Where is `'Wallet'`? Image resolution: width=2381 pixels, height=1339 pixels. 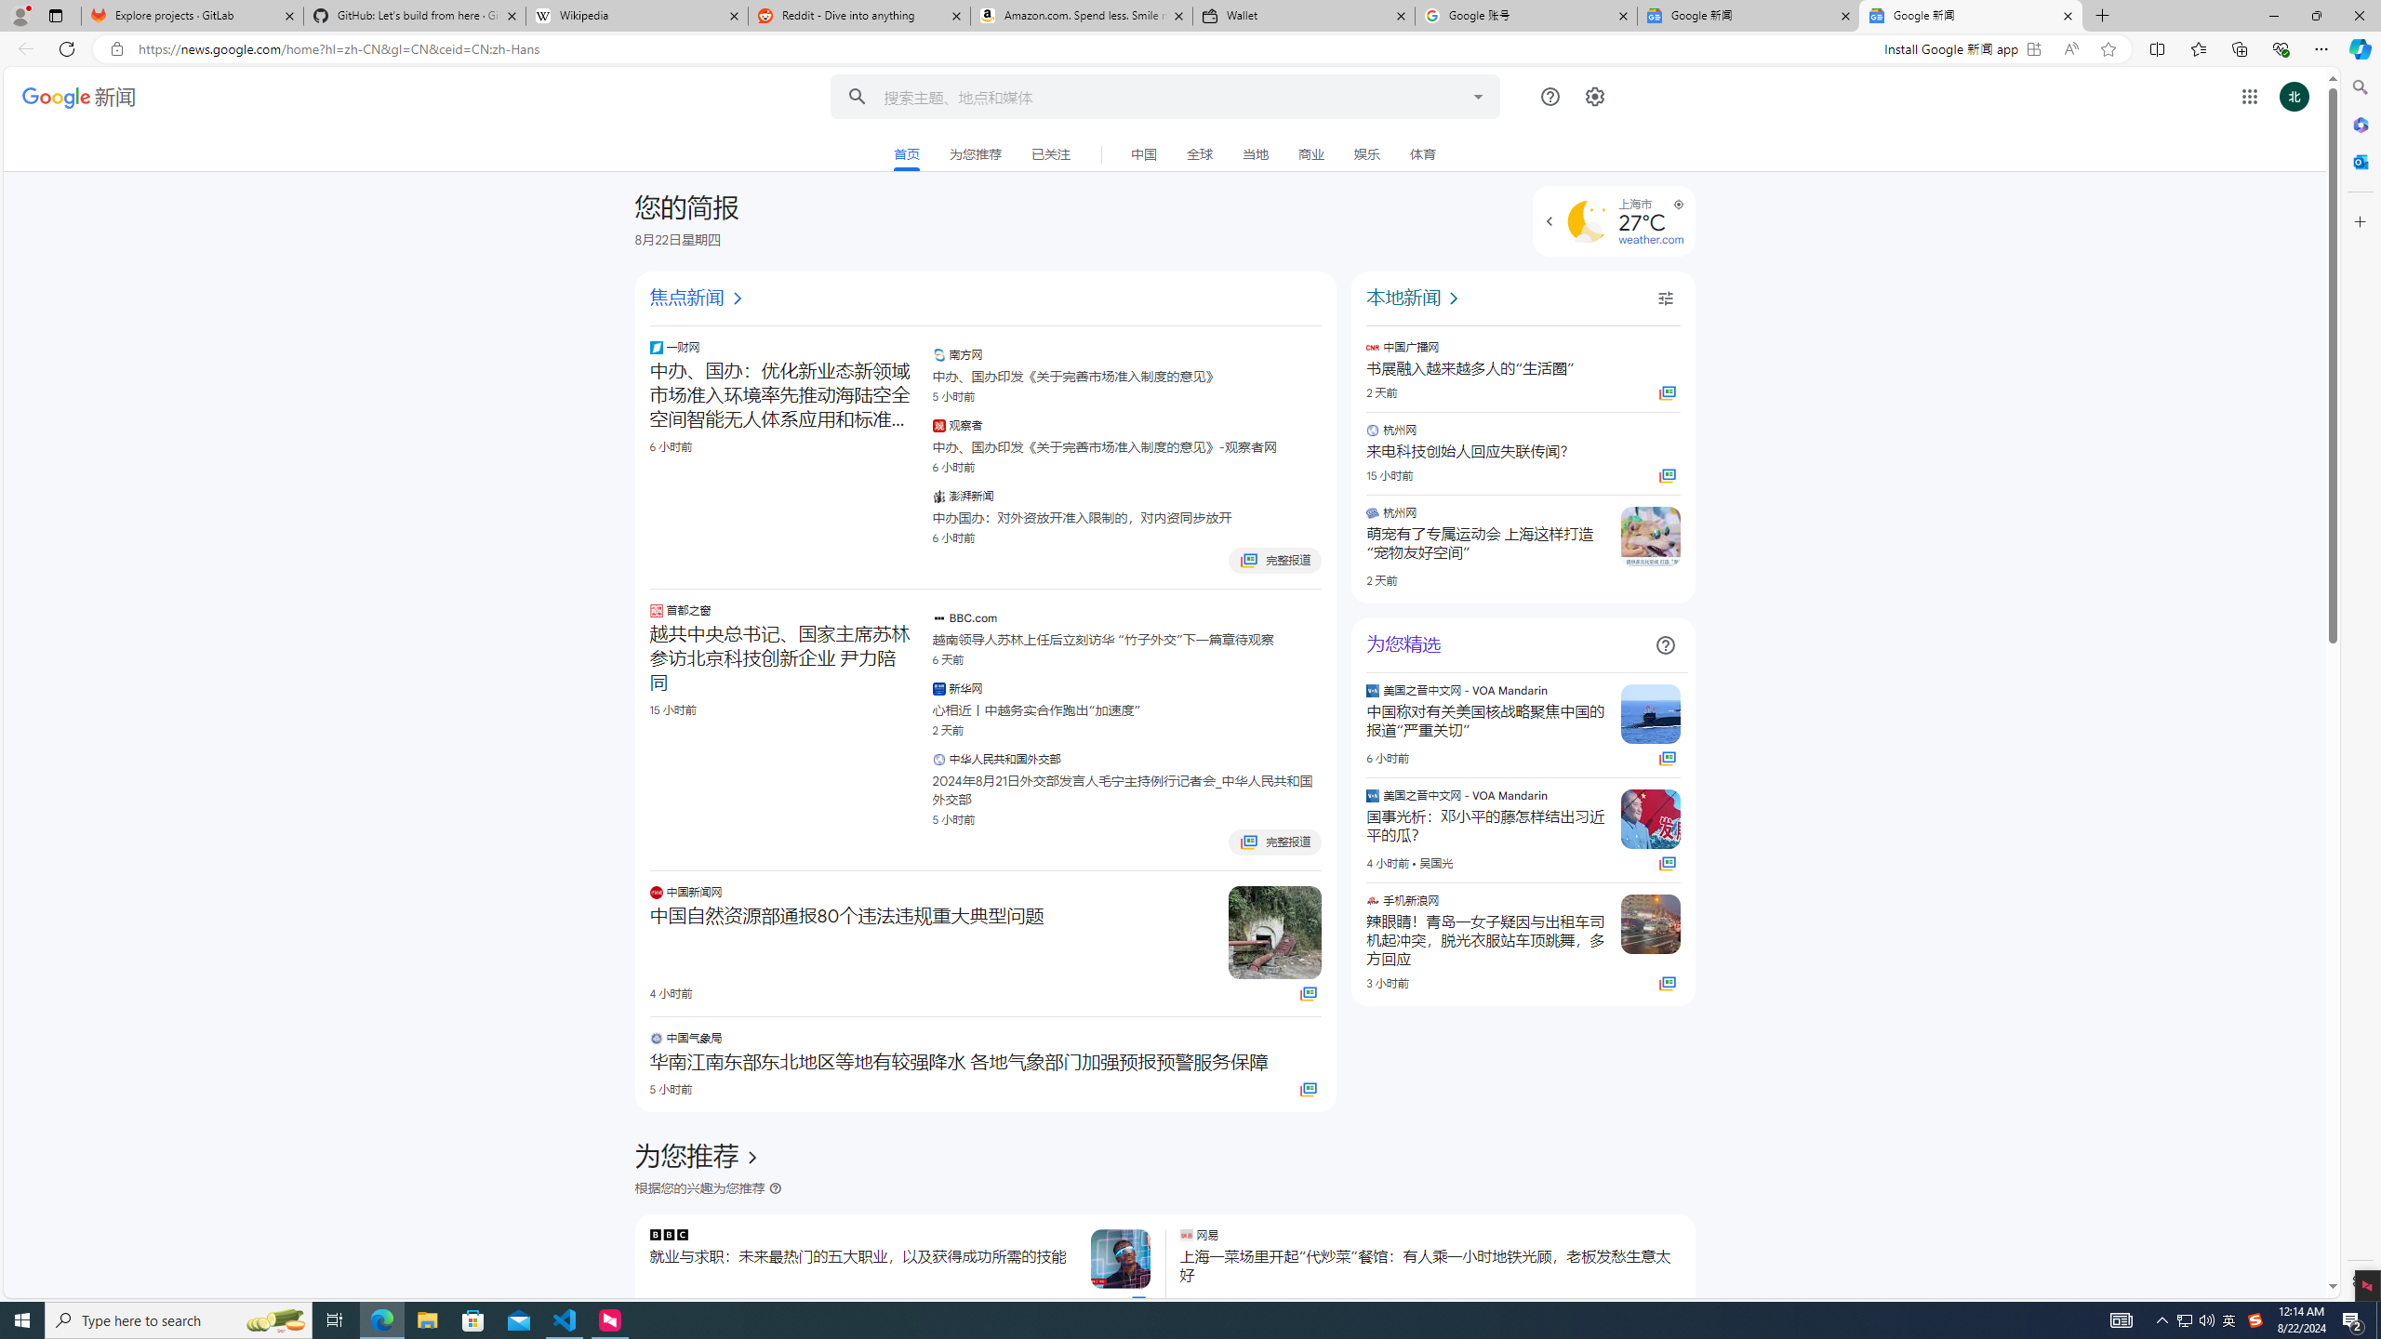 'Wallet' is located at coordinates (1304, 15).